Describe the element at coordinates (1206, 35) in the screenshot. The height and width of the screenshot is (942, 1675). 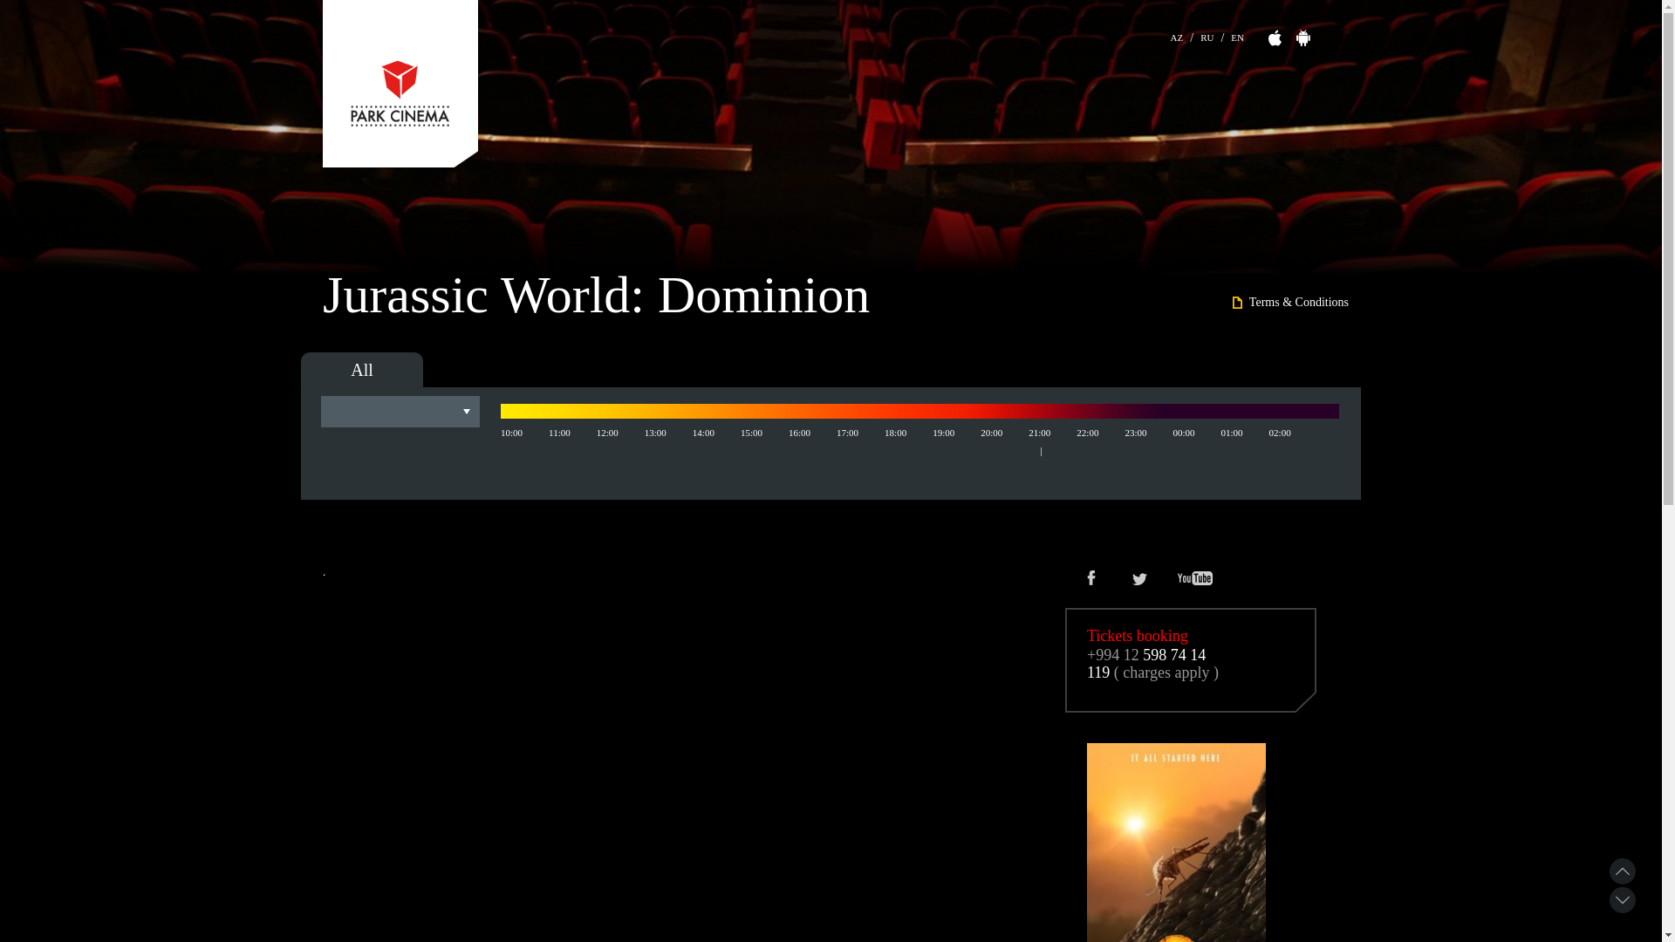
I see `'RU'` at that location.